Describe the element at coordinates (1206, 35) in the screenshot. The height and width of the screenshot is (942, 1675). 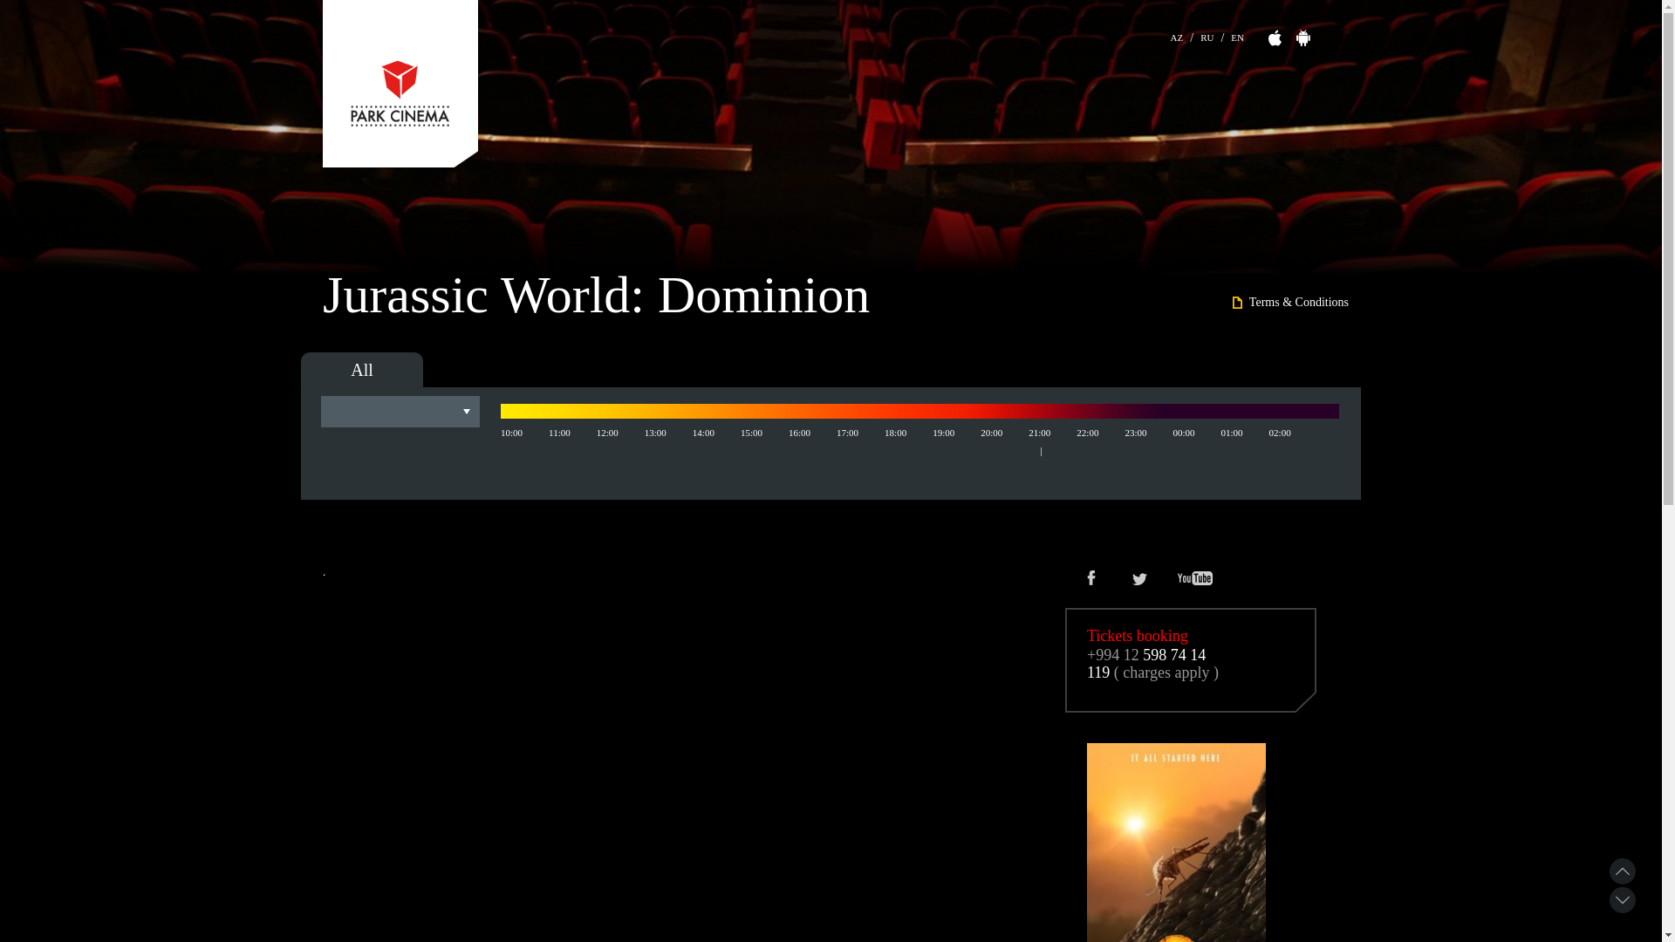
I see `'RU'` at that location.